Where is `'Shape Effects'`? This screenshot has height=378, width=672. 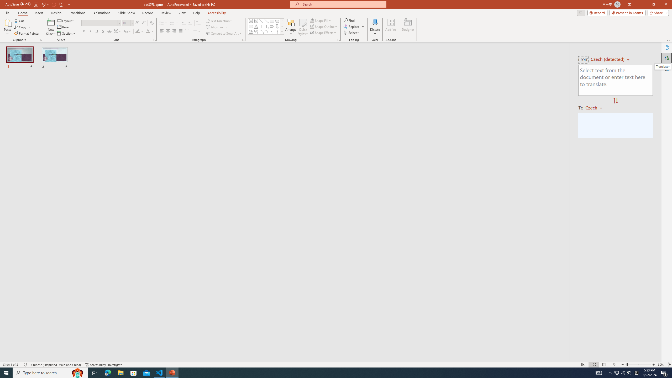
'Shape Effects' is located at coordinates (323, 32).